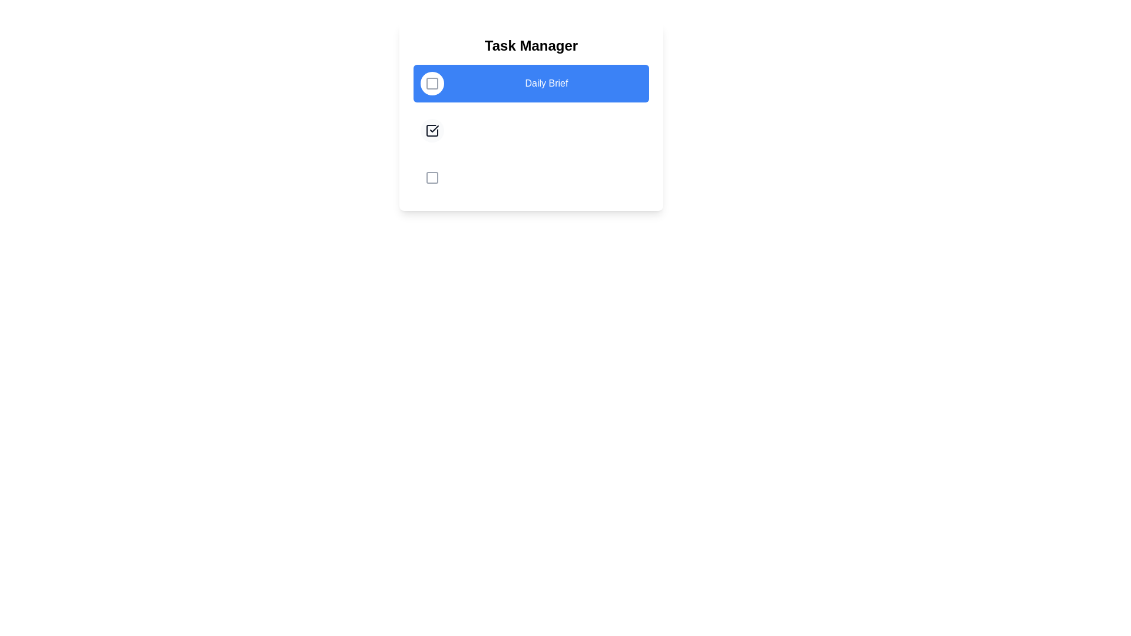  What do you see at coordinates (432, 83) in the screenshot?
I see `the task Daily Brief to observe any additional interactions or effects` at bounding box center [432, 83].